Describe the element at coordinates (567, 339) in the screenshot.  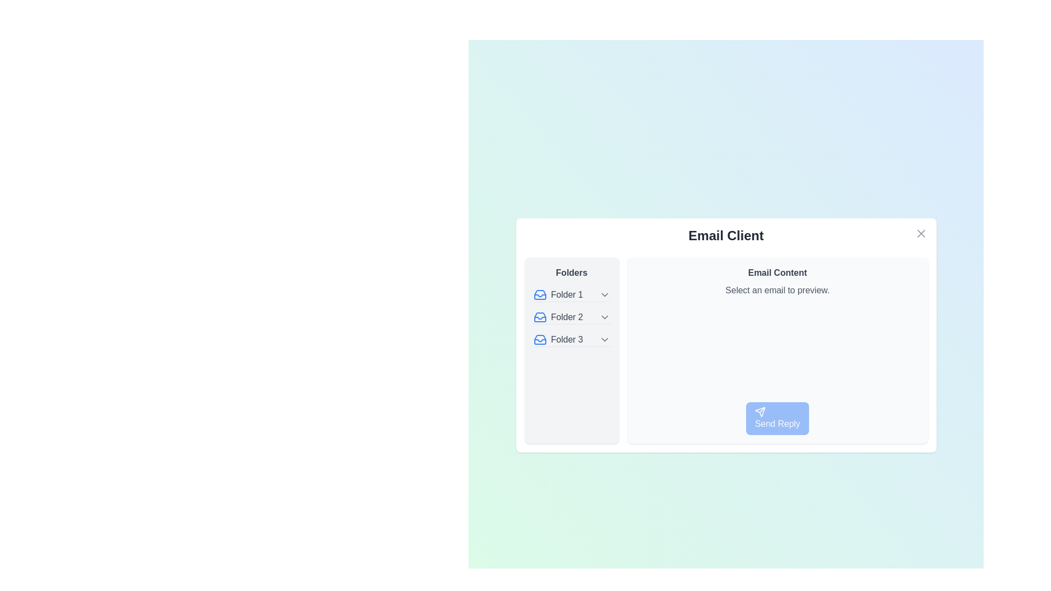
I see `the label indicating the title or name of the folder, which is the third item in the vertical list of folders on the left side of the 'Email Client' panel` at that location.